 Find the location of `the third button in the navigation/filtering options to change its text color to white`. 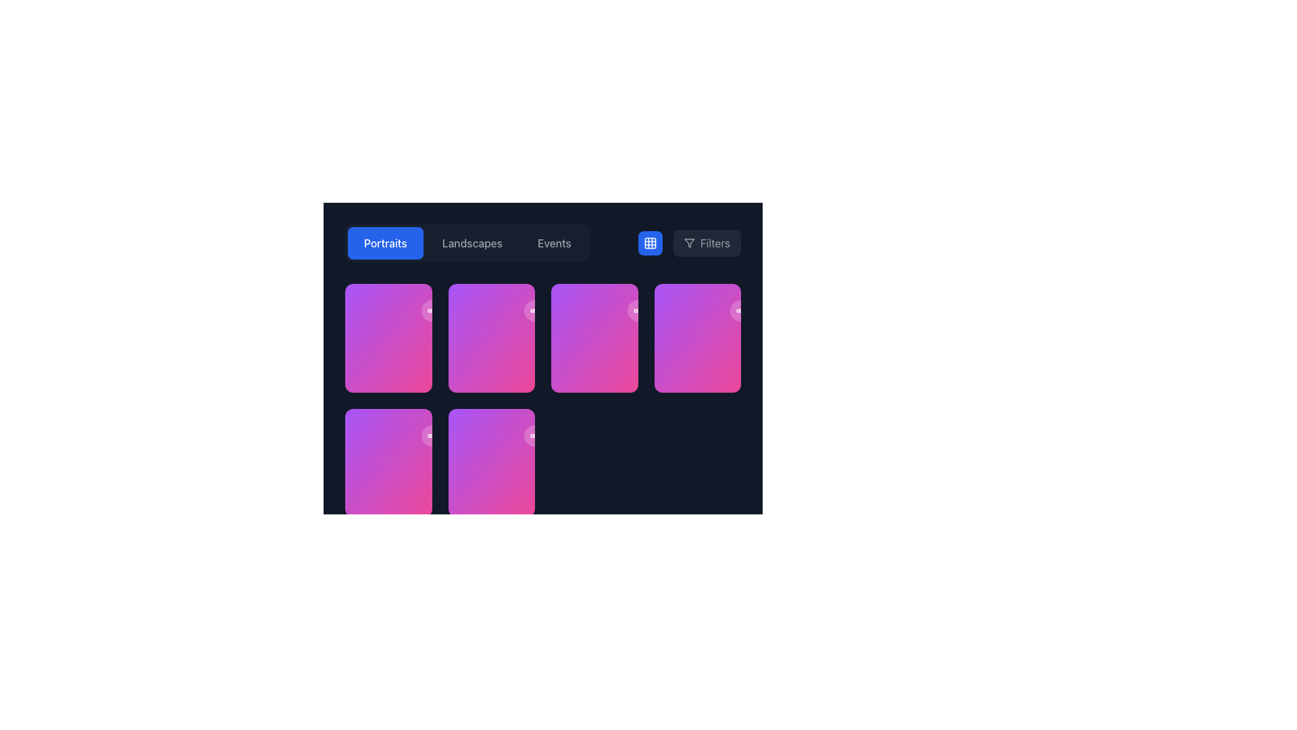

the third button in the navigation/filtering options to change its text color to white is located at coordinates (554, 242).